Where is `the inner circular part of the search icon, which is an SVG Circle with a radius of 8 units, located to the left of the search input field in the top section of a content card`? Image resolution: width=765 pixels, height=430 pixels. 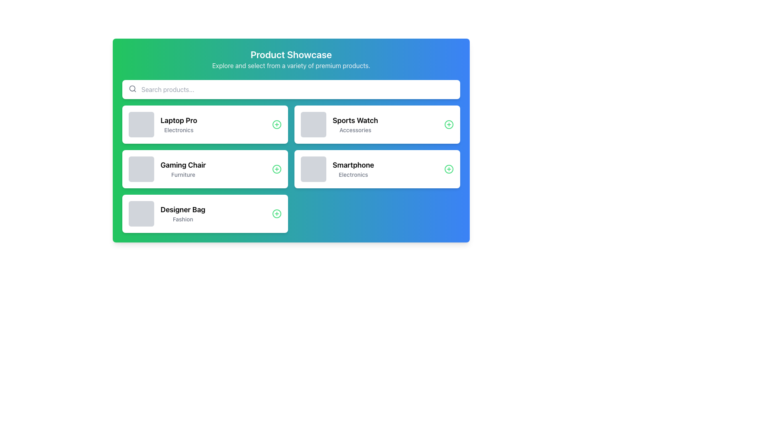
the inner circular part of the search icon, which is an SVG Circle with a radius of 8 units, located to the left of the search input field in the top section of a content card is located at coordinates (132, 88).